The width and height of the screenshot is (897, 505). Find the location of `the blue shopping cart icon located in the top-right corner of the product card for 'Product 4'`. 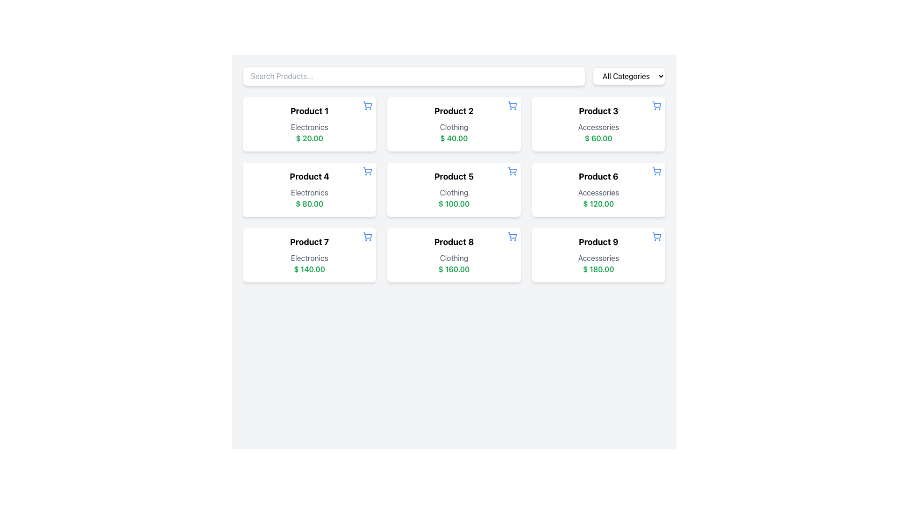

the blue shopping cart icon located in the top-right corner of the product card for 'Product 4' is located at coordinates (367, 171).